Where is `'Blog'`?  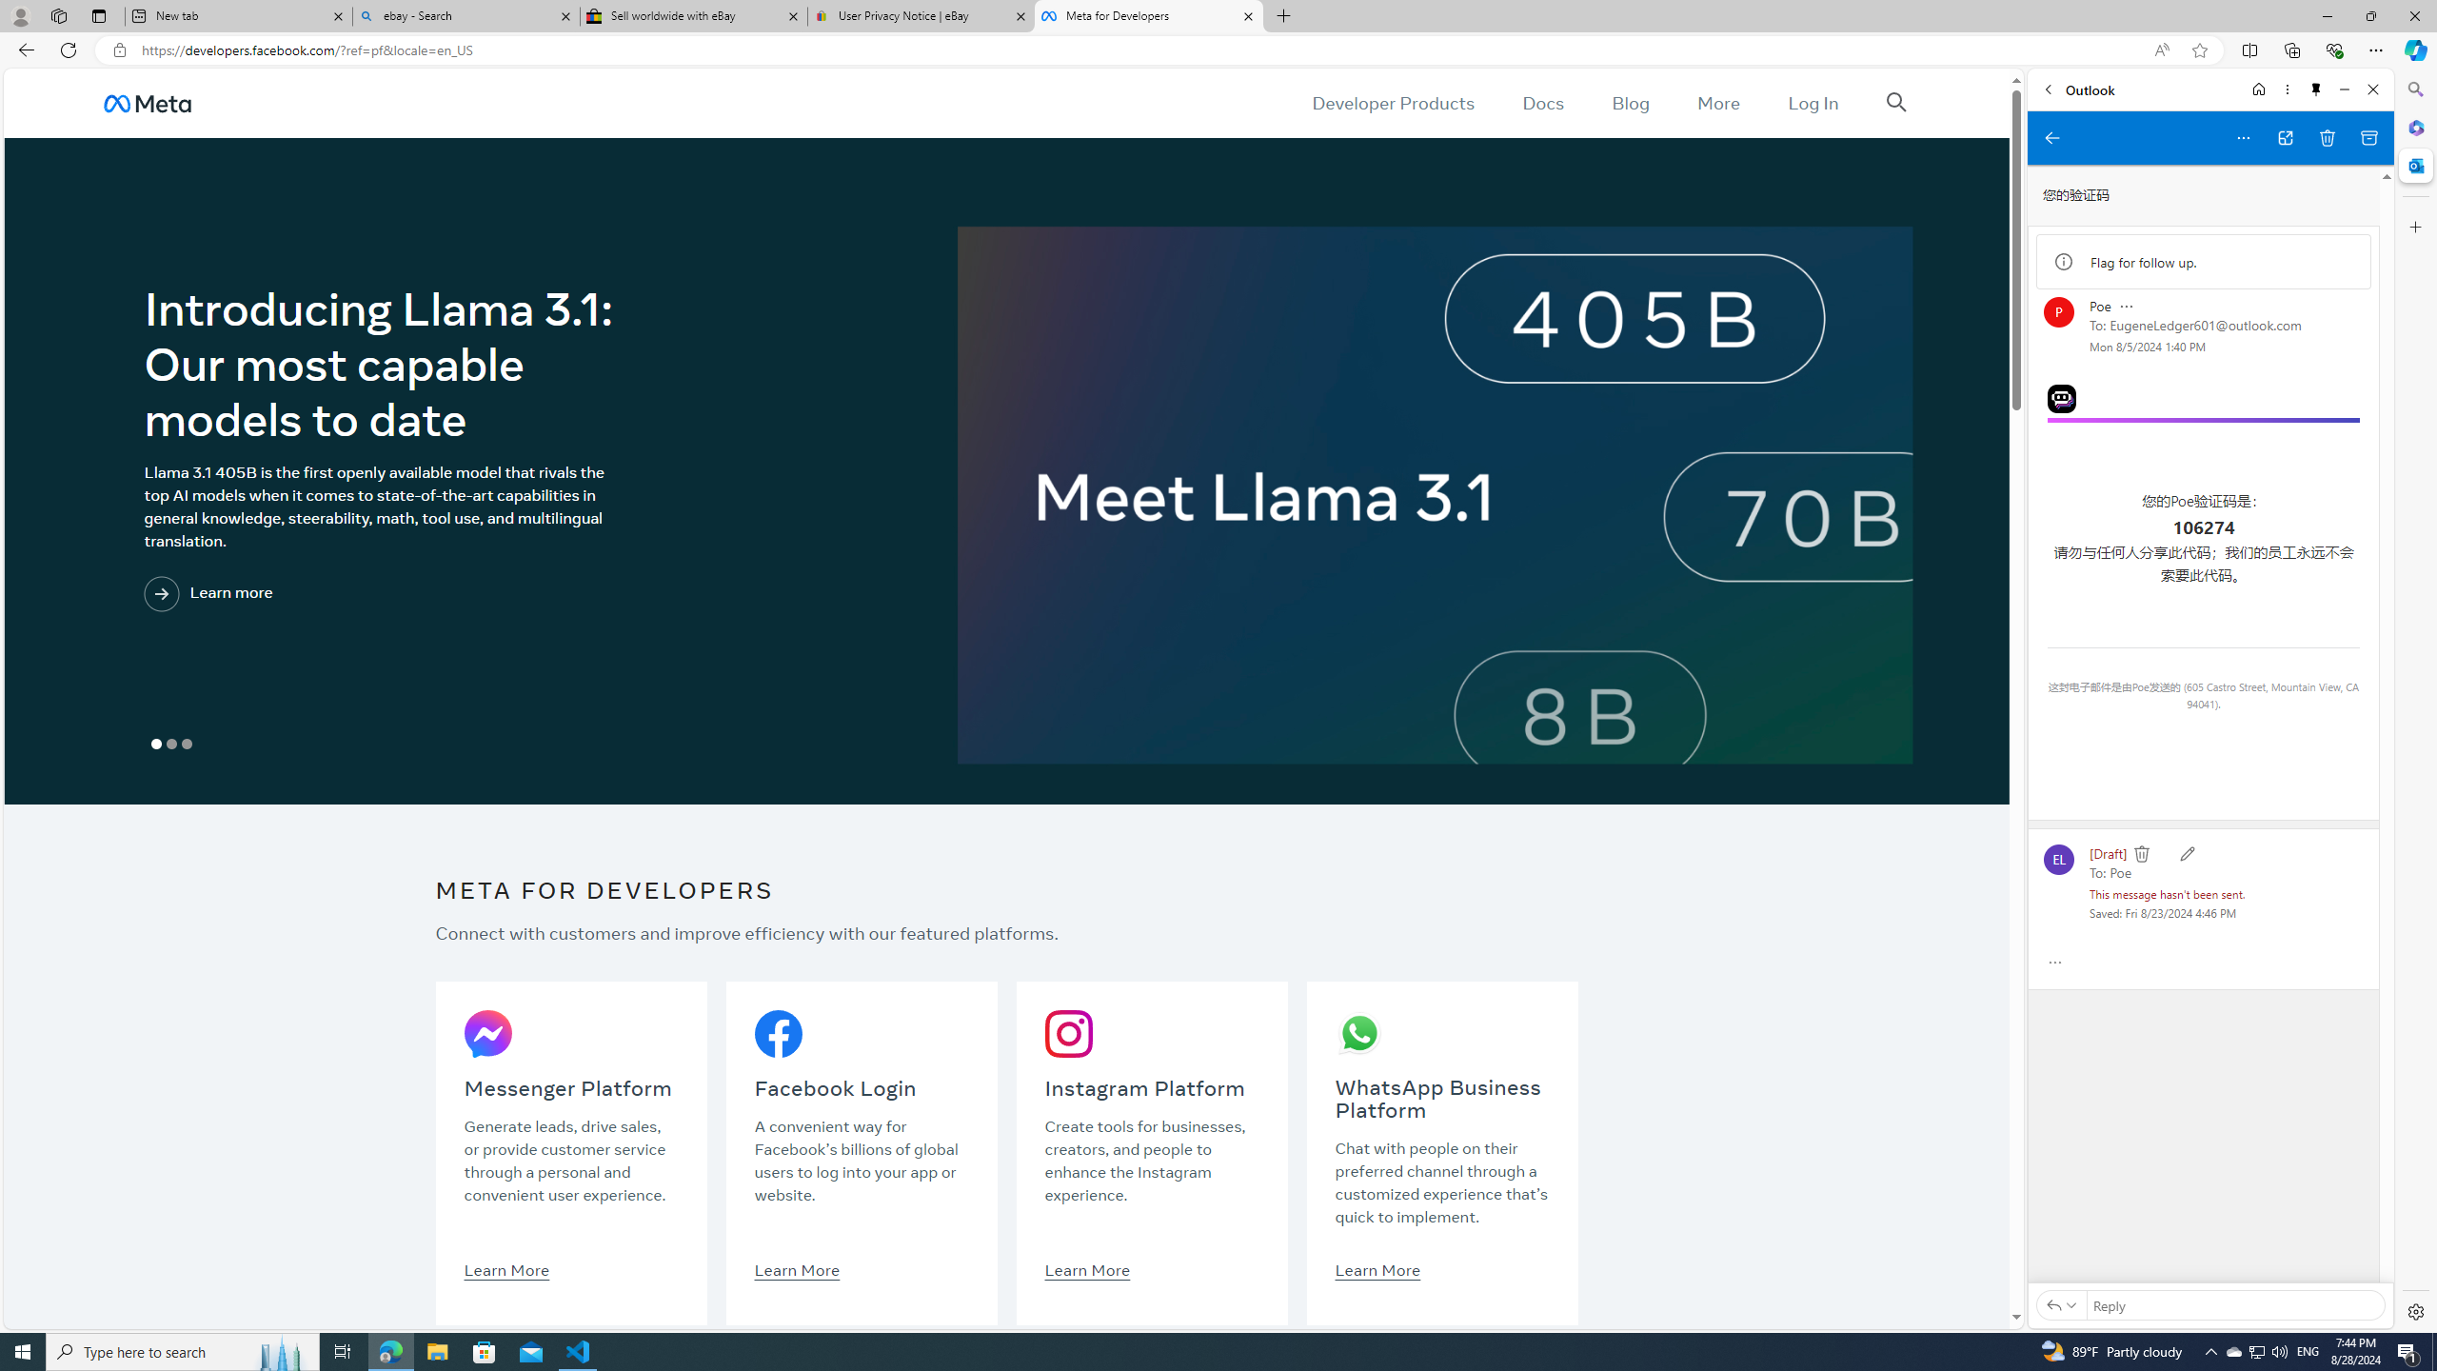
'Blog' is located at coordinates (1630, 102).